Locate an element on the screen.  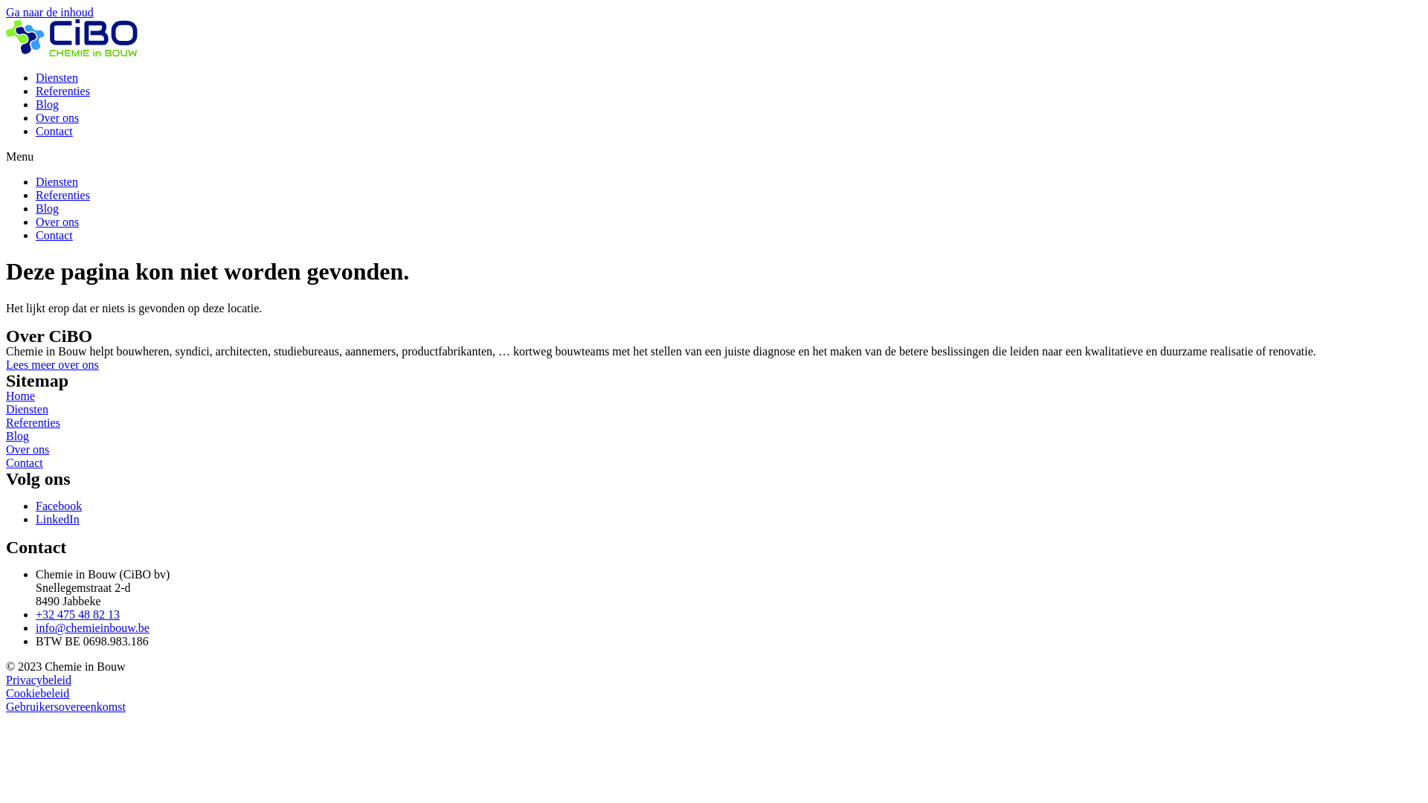
'Referenties' is located at coordinates (33, 422).